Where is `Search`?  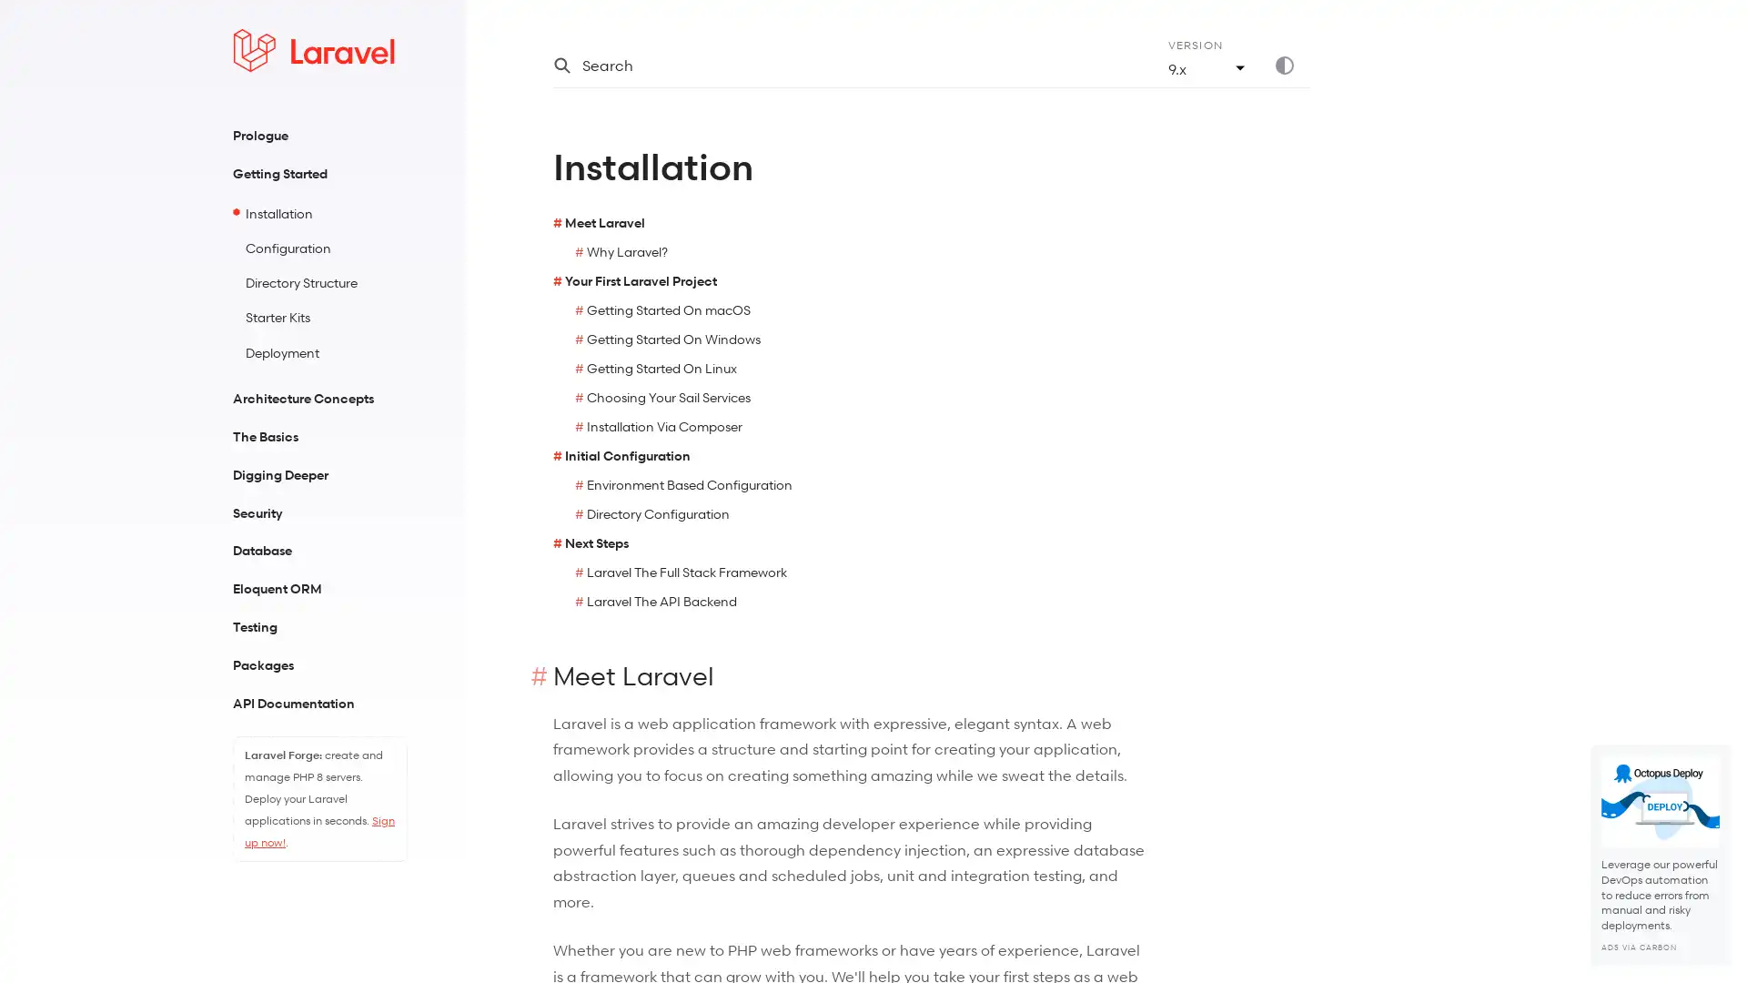
Search is located at coordinates (837, 65).